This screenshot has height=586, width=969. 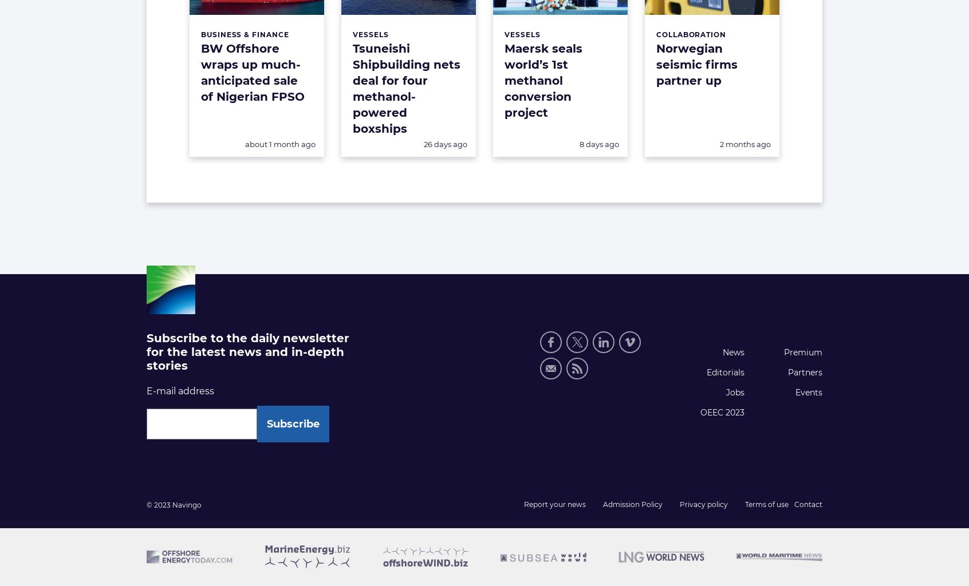 What do you see at coordinates (633, 504) in the screenshot?
I see `'Admission Policy'` at bounding box center [633, 504].